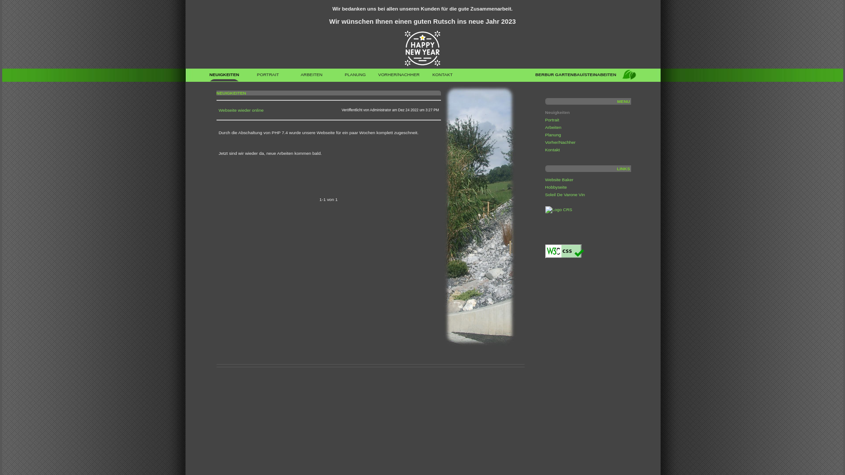  I want to click on 'KONTAKT', so click(442, 76).